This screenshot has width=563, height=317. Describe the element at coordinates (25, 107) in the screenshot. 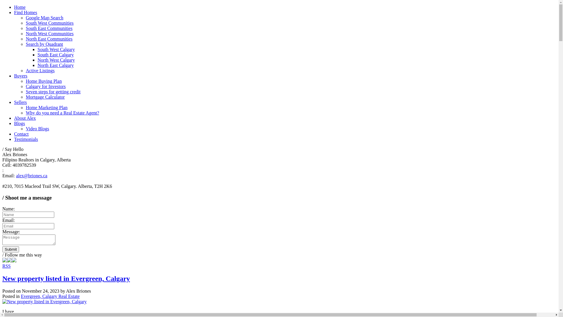

I see `'Home Marketing Plan'` at that location.